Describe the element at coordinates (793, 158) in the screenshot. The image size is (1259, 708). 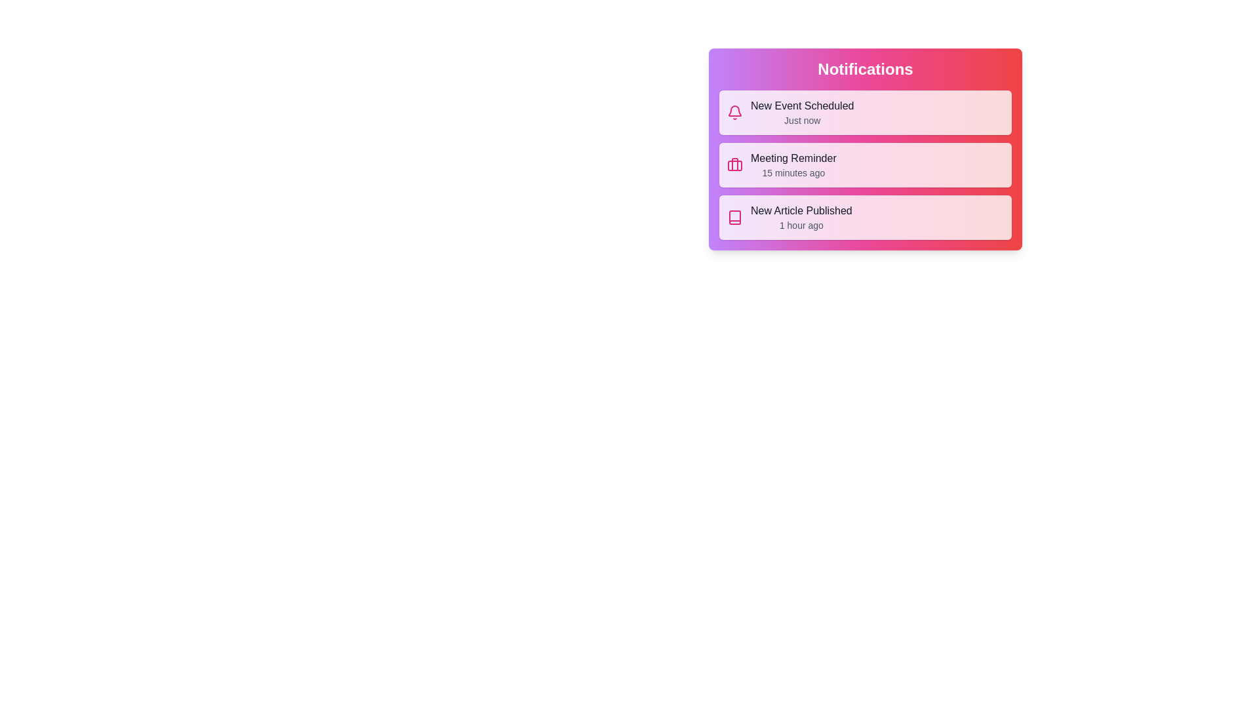
I see `the notification title Meeting Reminder to select it` at that location.